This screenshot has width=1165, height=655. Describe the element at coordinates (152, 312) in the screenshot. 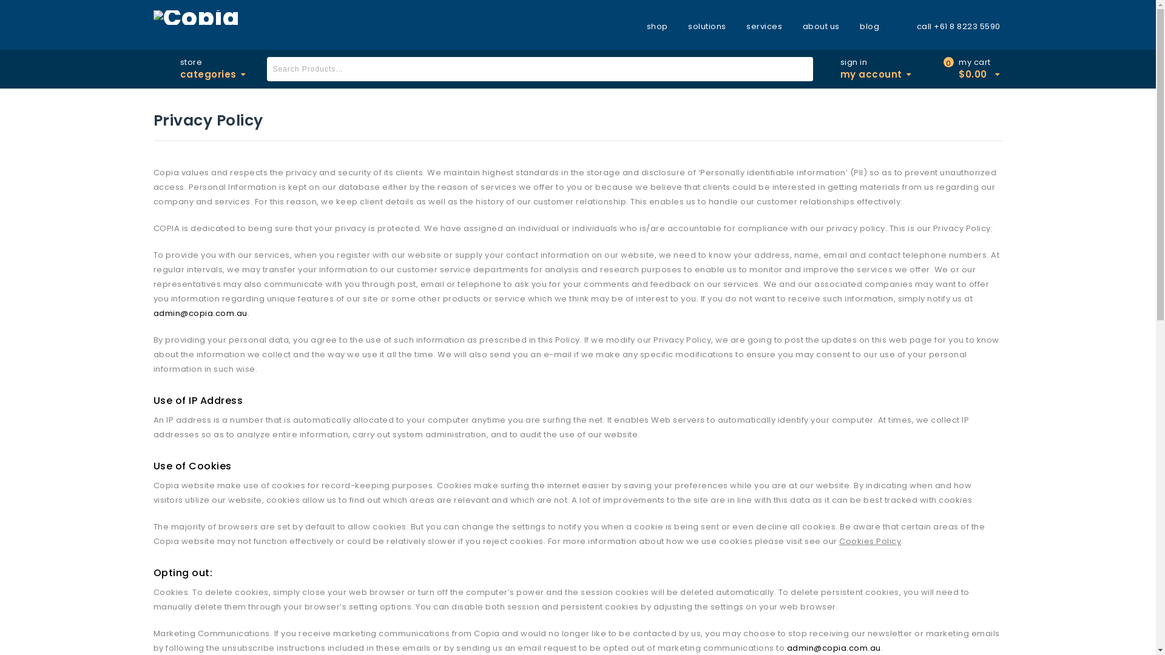

I see `'admin@copia.com.au'` at that location.